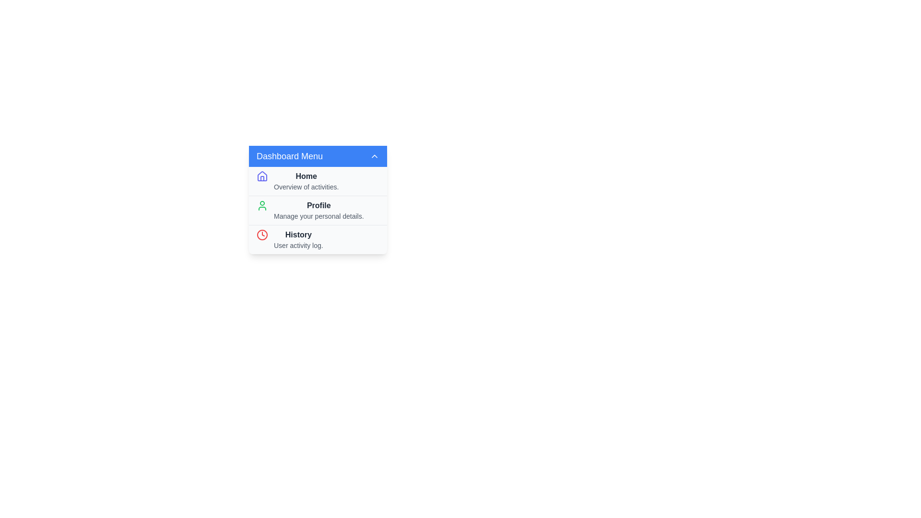 The width and height of the screenshot is (921, 518). I want to click on the 'Home' button in the Dashboard Menu which features a blue house icon and two text lines, with the first line in bold stating 'Home' and the second line in smaller gray font stating 'Overview of activities', so click(318, 181).